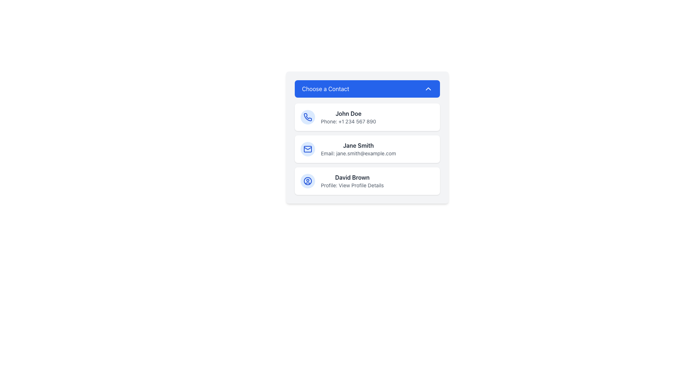 This screenshot has width=697, height=392. I want to click on the chevron icon located at the far right of the 'Choose a Contact' button, so click(428, 89).